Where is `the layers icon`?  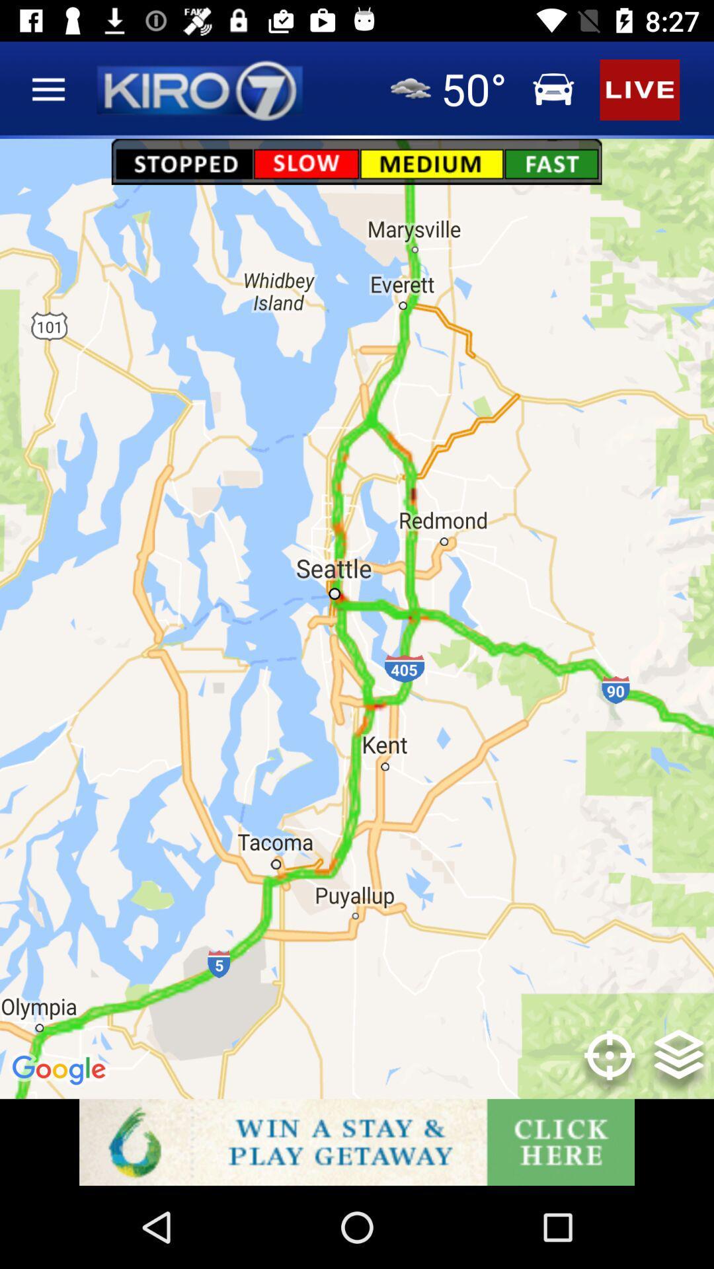 the layers icon is located at coordinates (679, 1064).